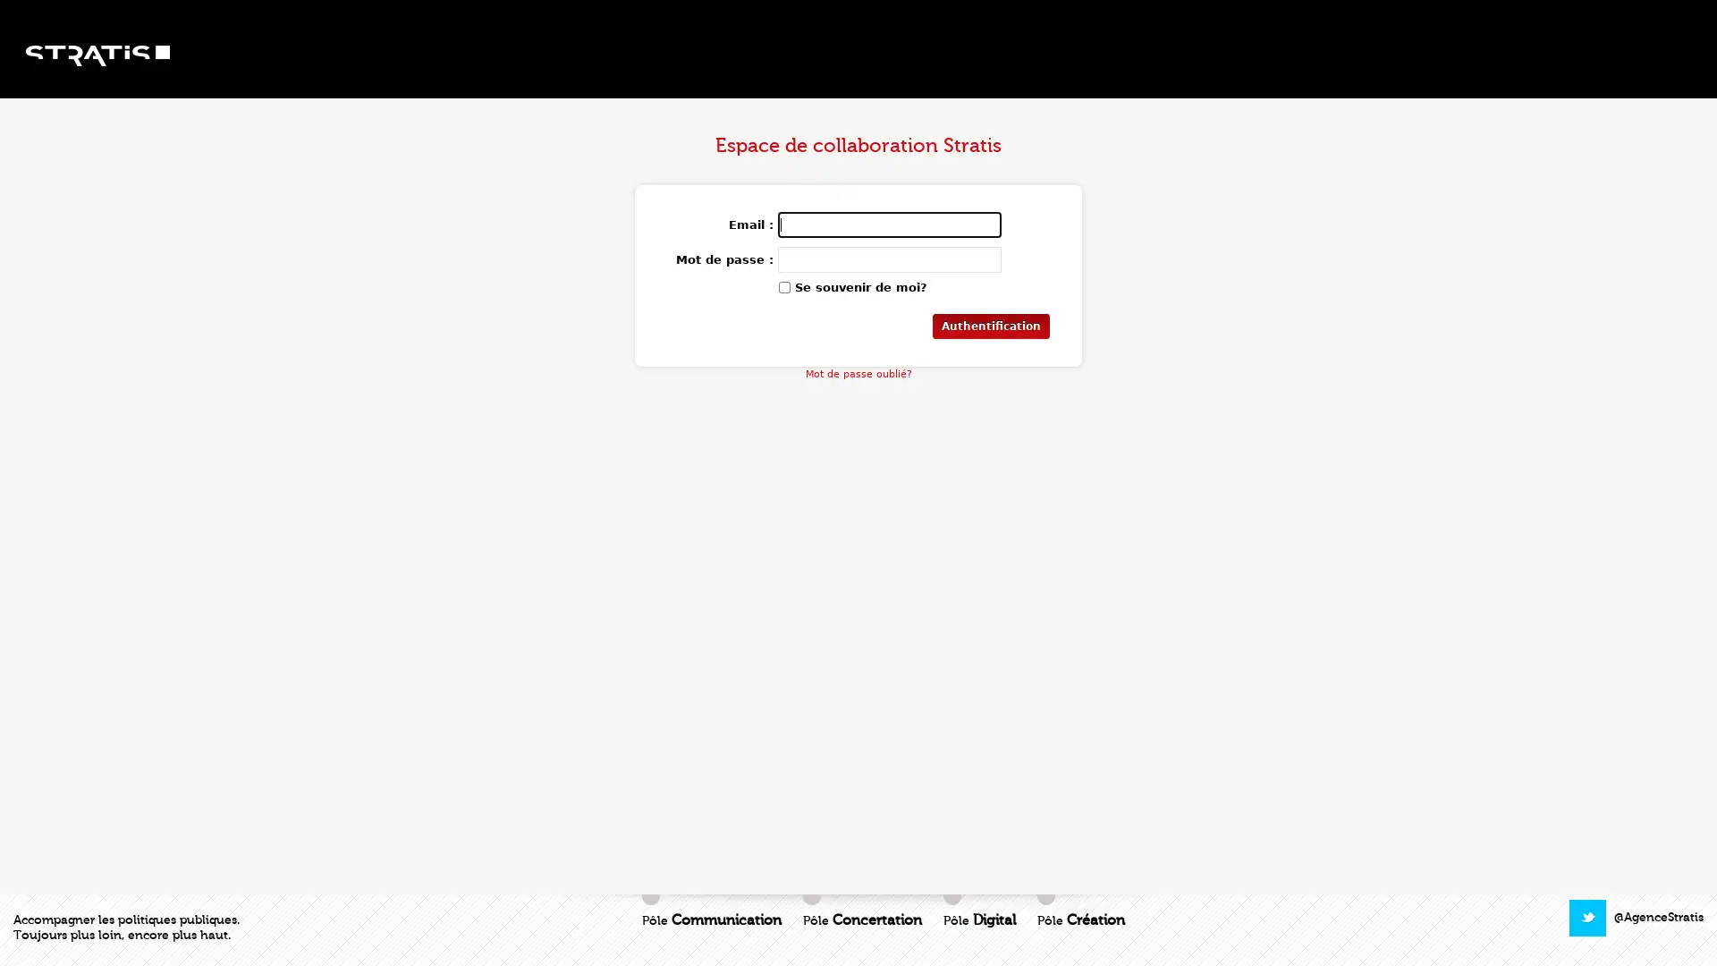  What do you see at coordinates (990, 326) in the screenshot?
I see `Authentification` at bounding box center [990, 326].